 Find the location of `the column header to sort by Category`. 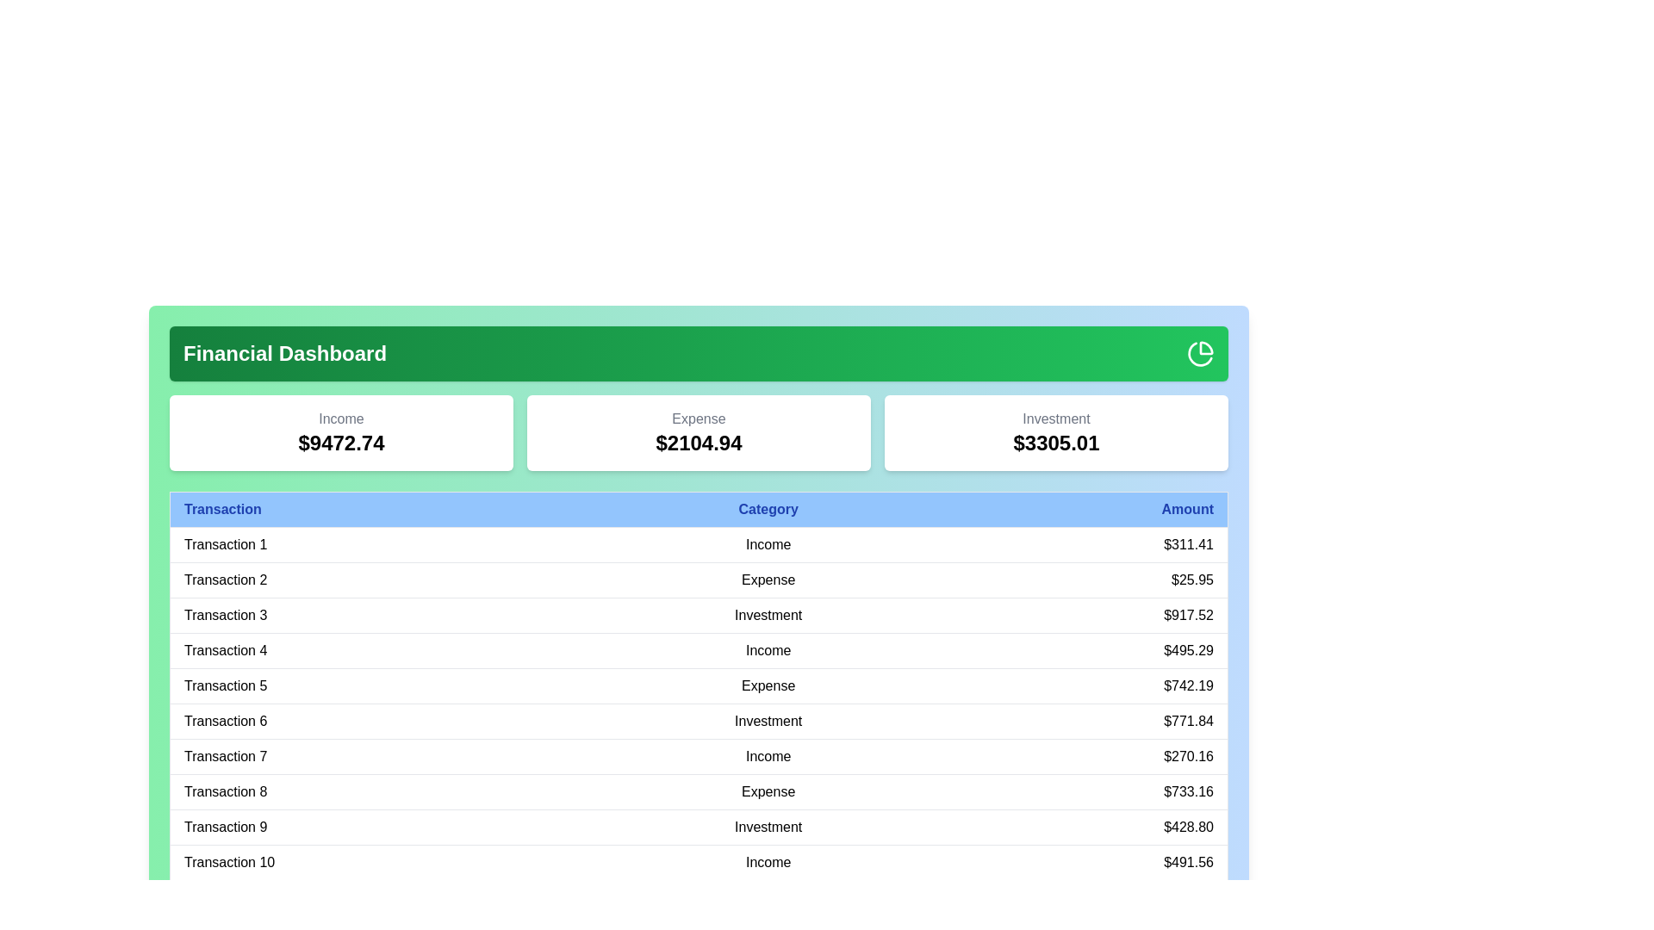

the column header to sort by Category is located at coordinates (768, 508).